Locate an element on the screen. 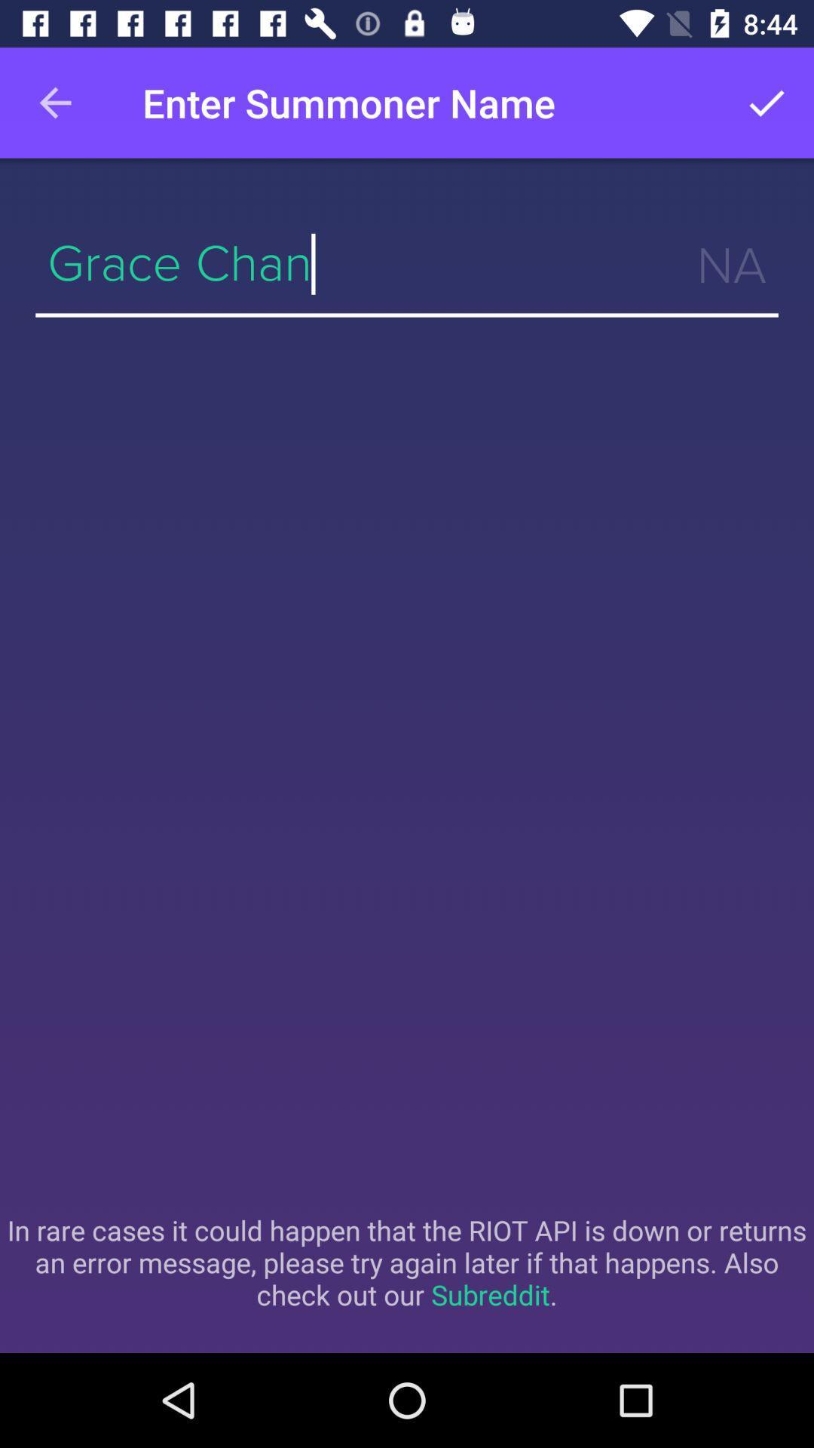 The height and width of the screenshot is (1448, 814). in rare cases item is located at coordinates (407, 1262).